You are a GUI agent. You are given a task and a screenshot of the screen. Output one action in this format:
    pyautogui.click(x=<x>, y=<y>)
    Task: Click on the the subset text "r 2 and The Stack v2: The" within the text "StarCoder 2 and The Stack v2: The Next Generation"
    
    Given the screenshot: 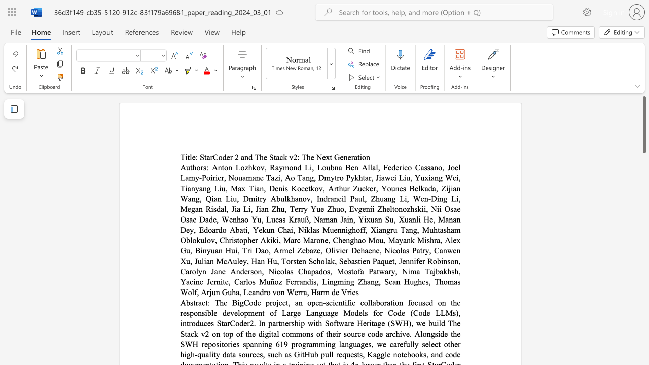 What is the action you would take?
    pyautogui.click(x=229, y=157)
    